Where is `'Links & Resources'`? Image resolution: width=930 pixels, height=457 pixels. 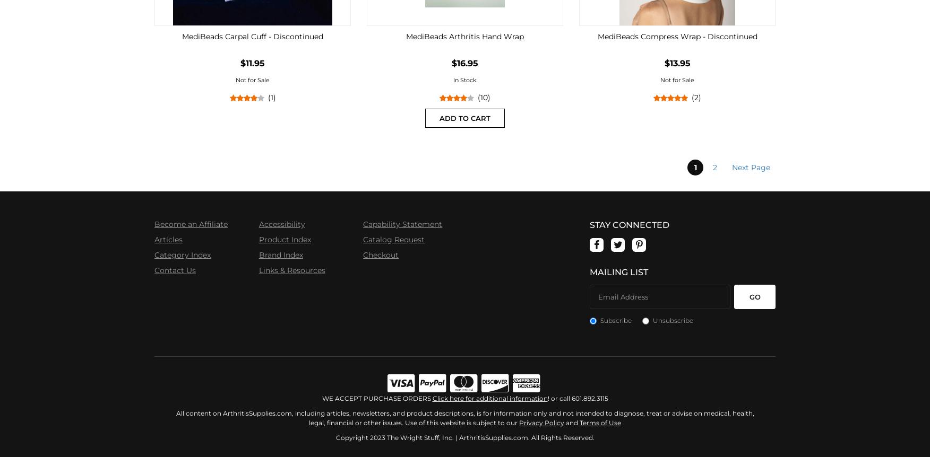 'Links & Resources' is located at coordinates (291, 269).